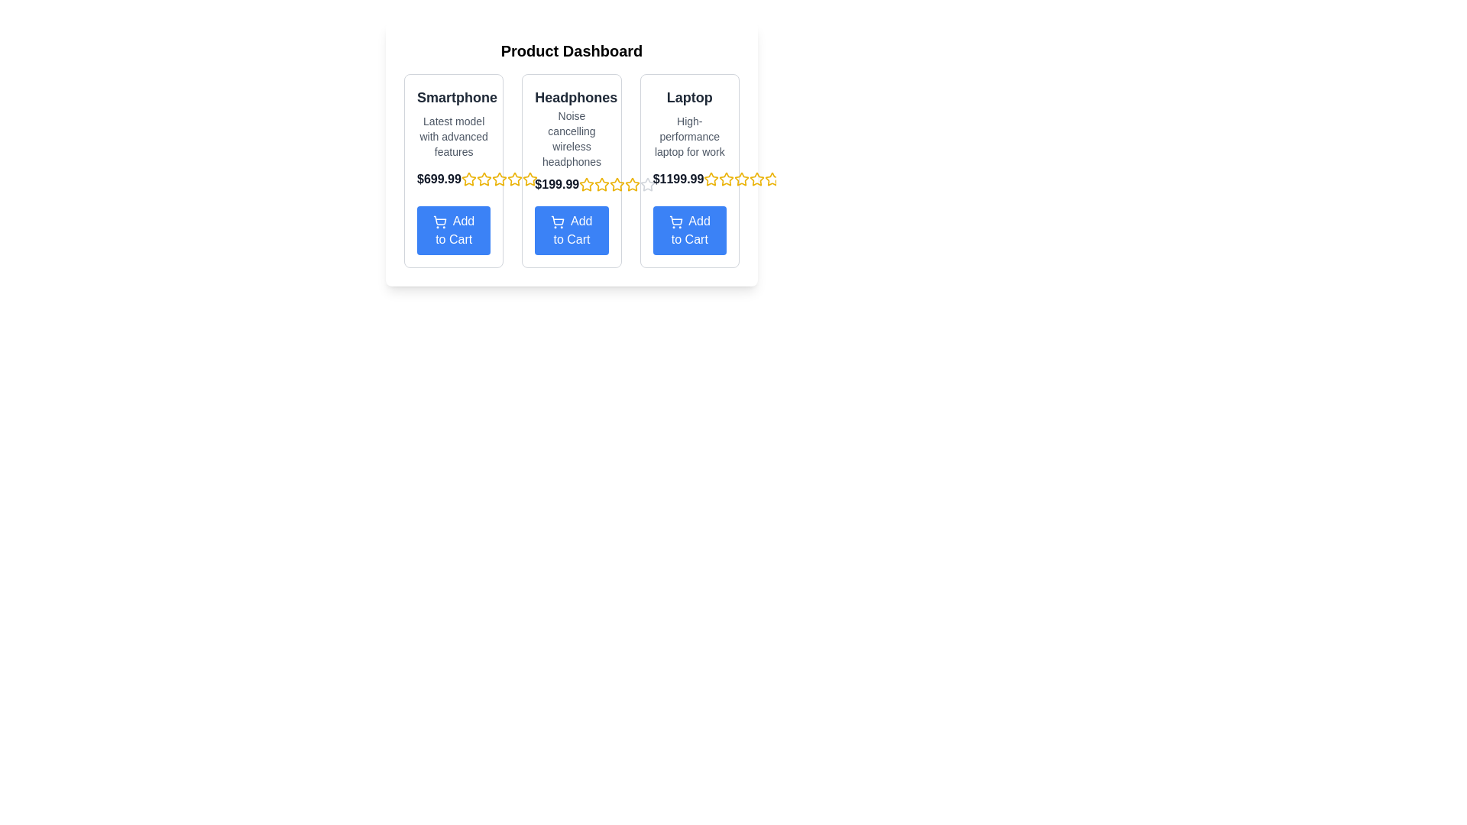 The width and height of the screenshot is (1467, 825). I want to click on the visual state of the 7th star icon in the rating system, which is styled with a yellow outline and a white fill, located below the price of the laptop product card, so click(757, 178).